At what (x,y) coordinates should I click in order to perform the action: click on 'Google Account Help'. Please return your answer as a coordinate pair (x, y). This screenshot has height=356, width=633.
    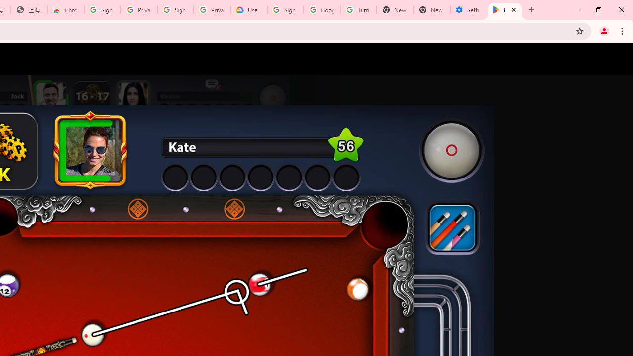
    Looking at the image, I should click on (322, 10).